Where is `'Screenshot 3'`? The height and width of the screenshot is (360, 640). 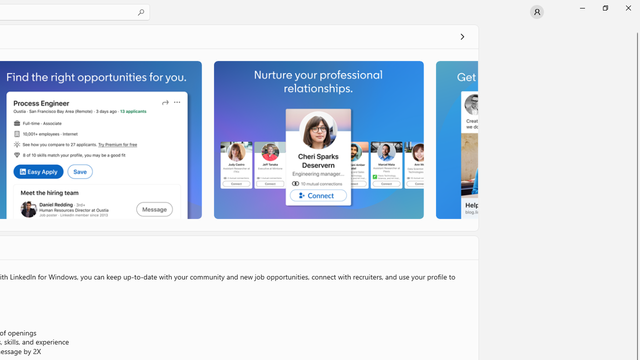 'Screenshot 3' is located at coordinates (317, 139).